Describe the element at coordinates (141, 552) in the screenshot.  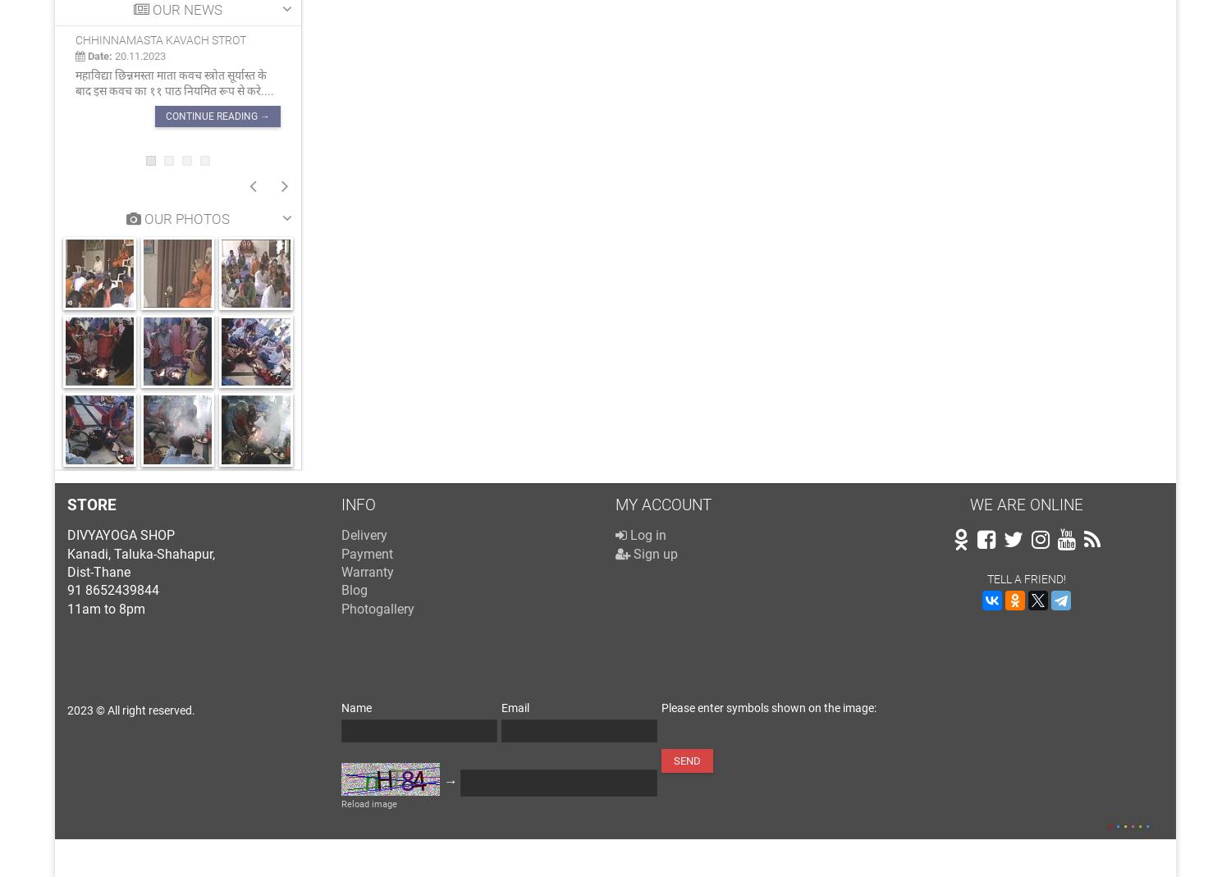
I see `'Kanadi, Taluka-Shahapur,'` at that location.